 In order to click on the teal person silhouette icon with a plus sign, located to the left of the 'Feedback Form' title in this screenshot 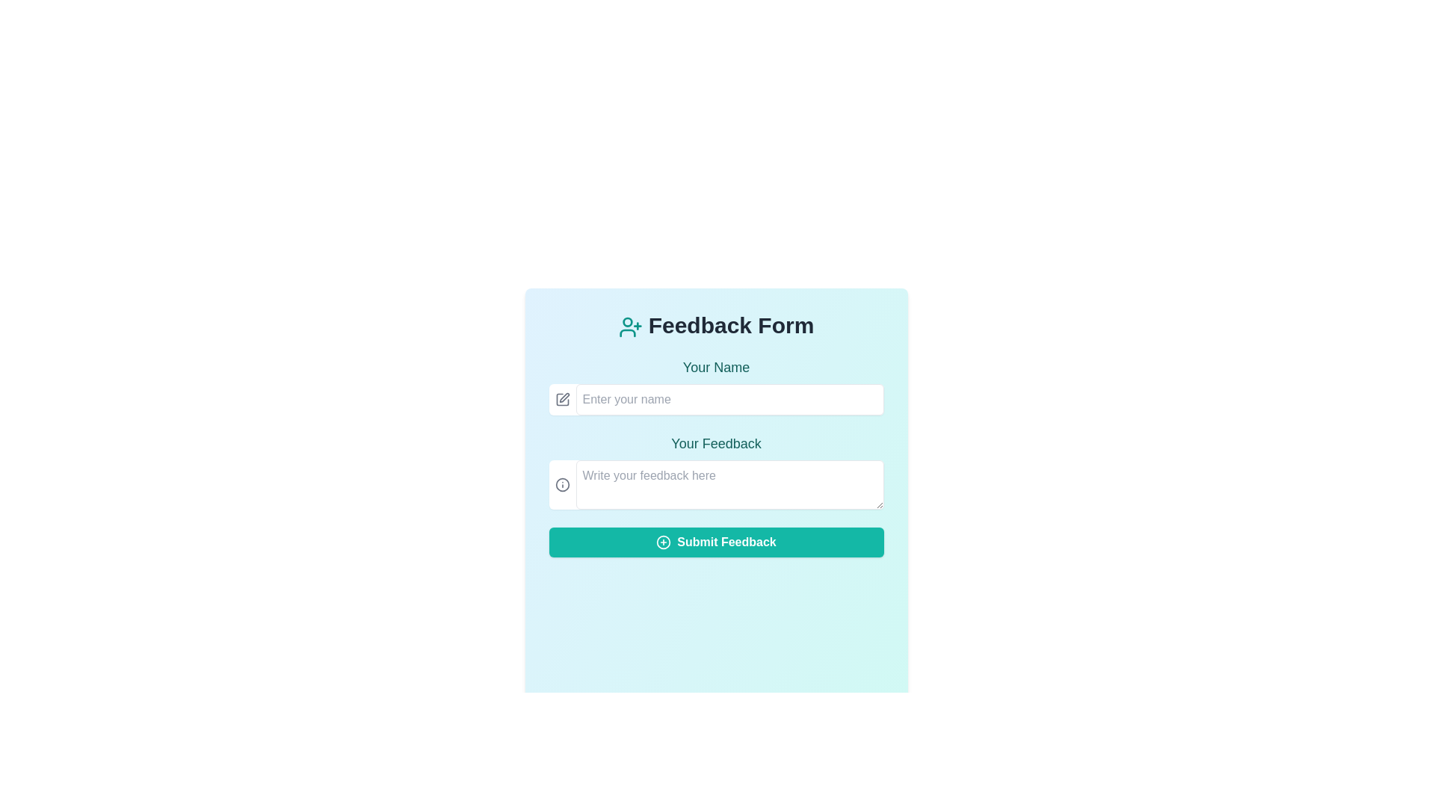, I will do `click(630, 327)`.